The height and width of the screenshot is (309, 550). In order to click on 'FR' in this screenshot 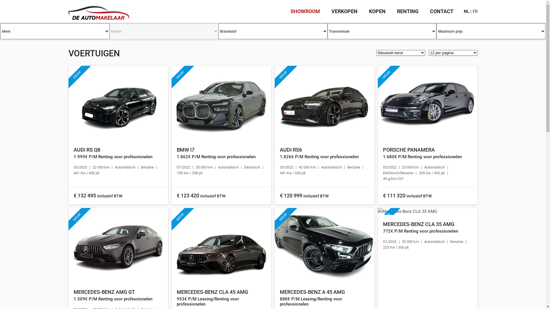, I will do `click(475, 11)`.